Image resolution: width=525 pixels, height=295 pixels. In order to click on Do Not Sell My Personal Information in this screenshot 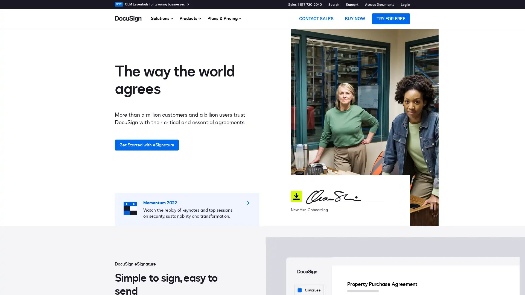, I will do `click(428, 283)`.